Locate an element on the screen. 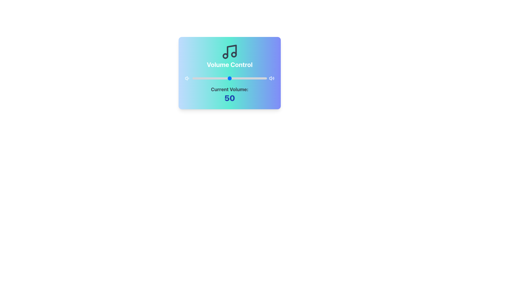 This screenshot has height=287, width=511. the Text Display Component labeled 'Current Volume:' which shows the numeric value '50' in dark blue font, located at the center-bottom of the 'Volume Control' card is located at coordinates (230, 94).